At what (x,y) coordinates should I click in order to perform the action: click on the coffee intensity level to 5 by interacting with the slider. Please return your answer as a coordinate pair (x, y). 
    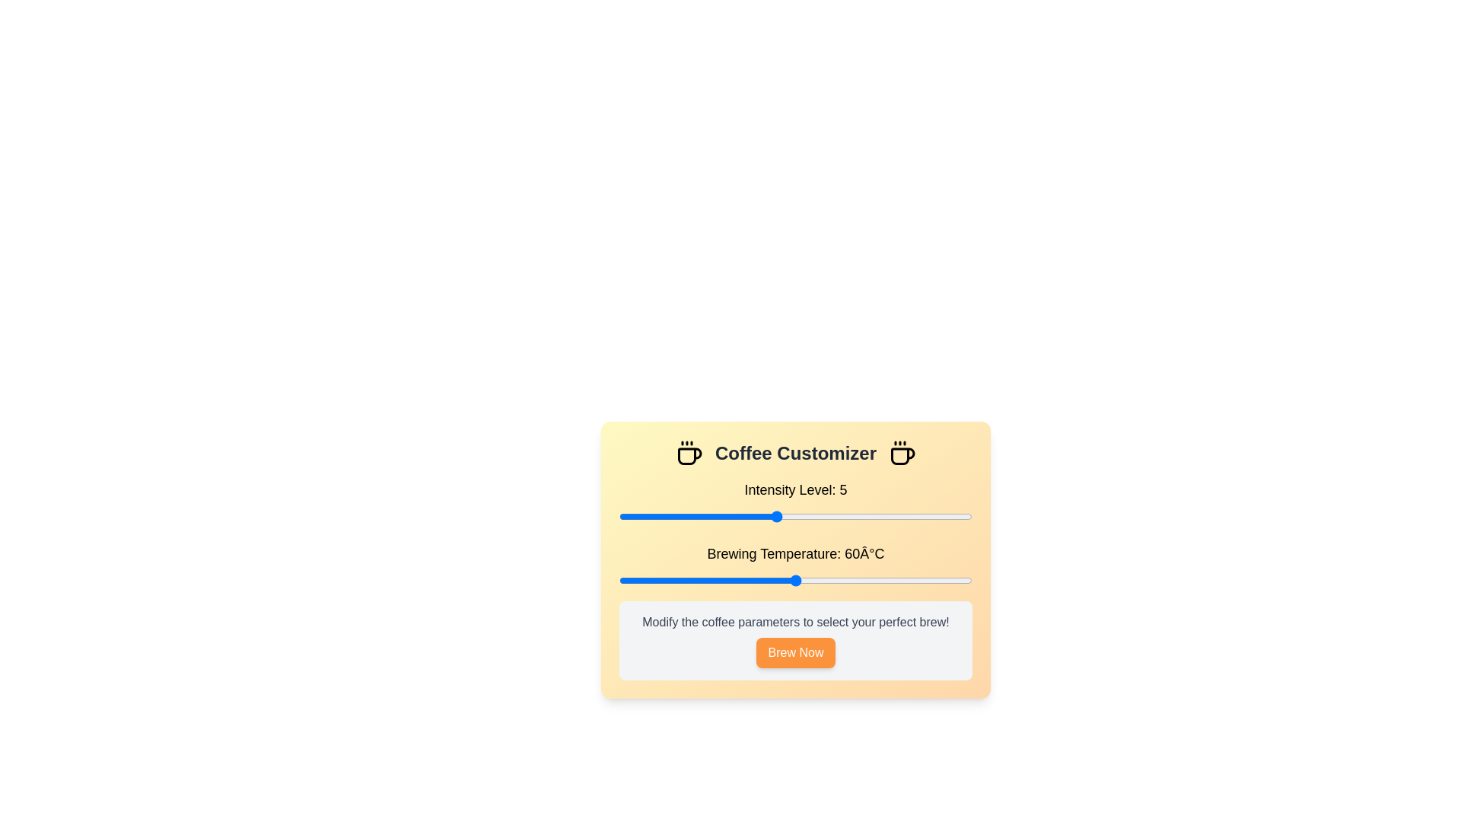
    Looking at the image, I should click on (776, 515).